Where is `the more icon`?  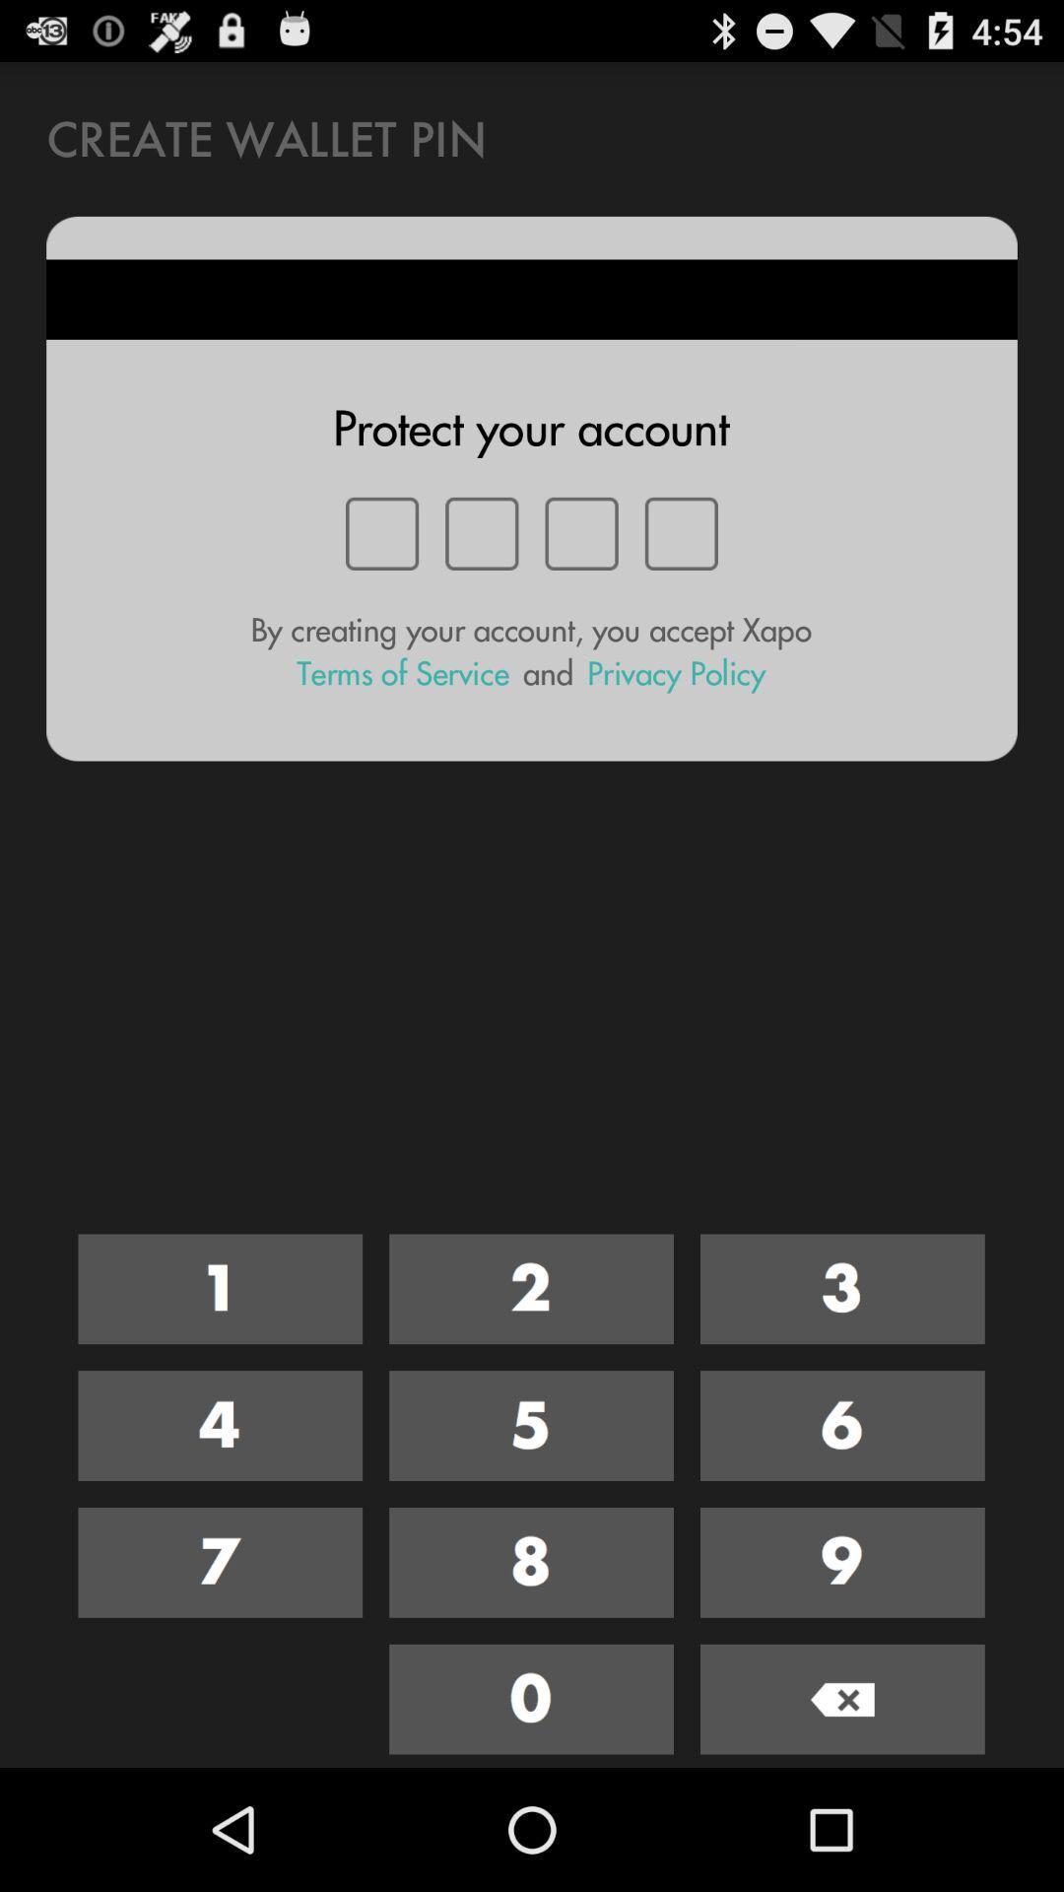
the more icon is located at coordinates (530, 1524).